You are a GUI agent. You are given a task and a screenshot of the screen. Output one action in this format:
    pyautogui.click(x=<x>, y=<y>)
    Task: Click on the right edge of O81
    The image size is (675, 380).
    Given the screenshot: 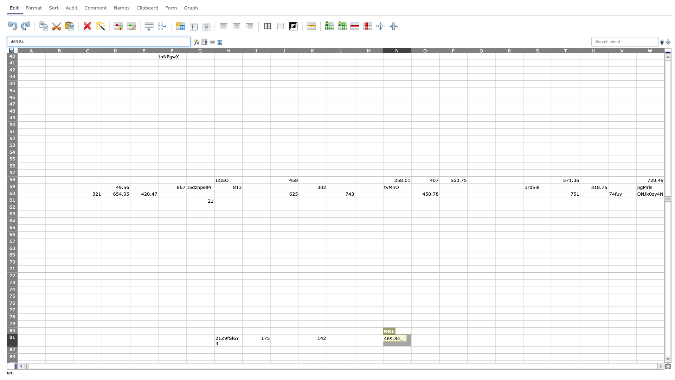 What is the action you would take?
    pyautogui.click(x=439, y=340)
    